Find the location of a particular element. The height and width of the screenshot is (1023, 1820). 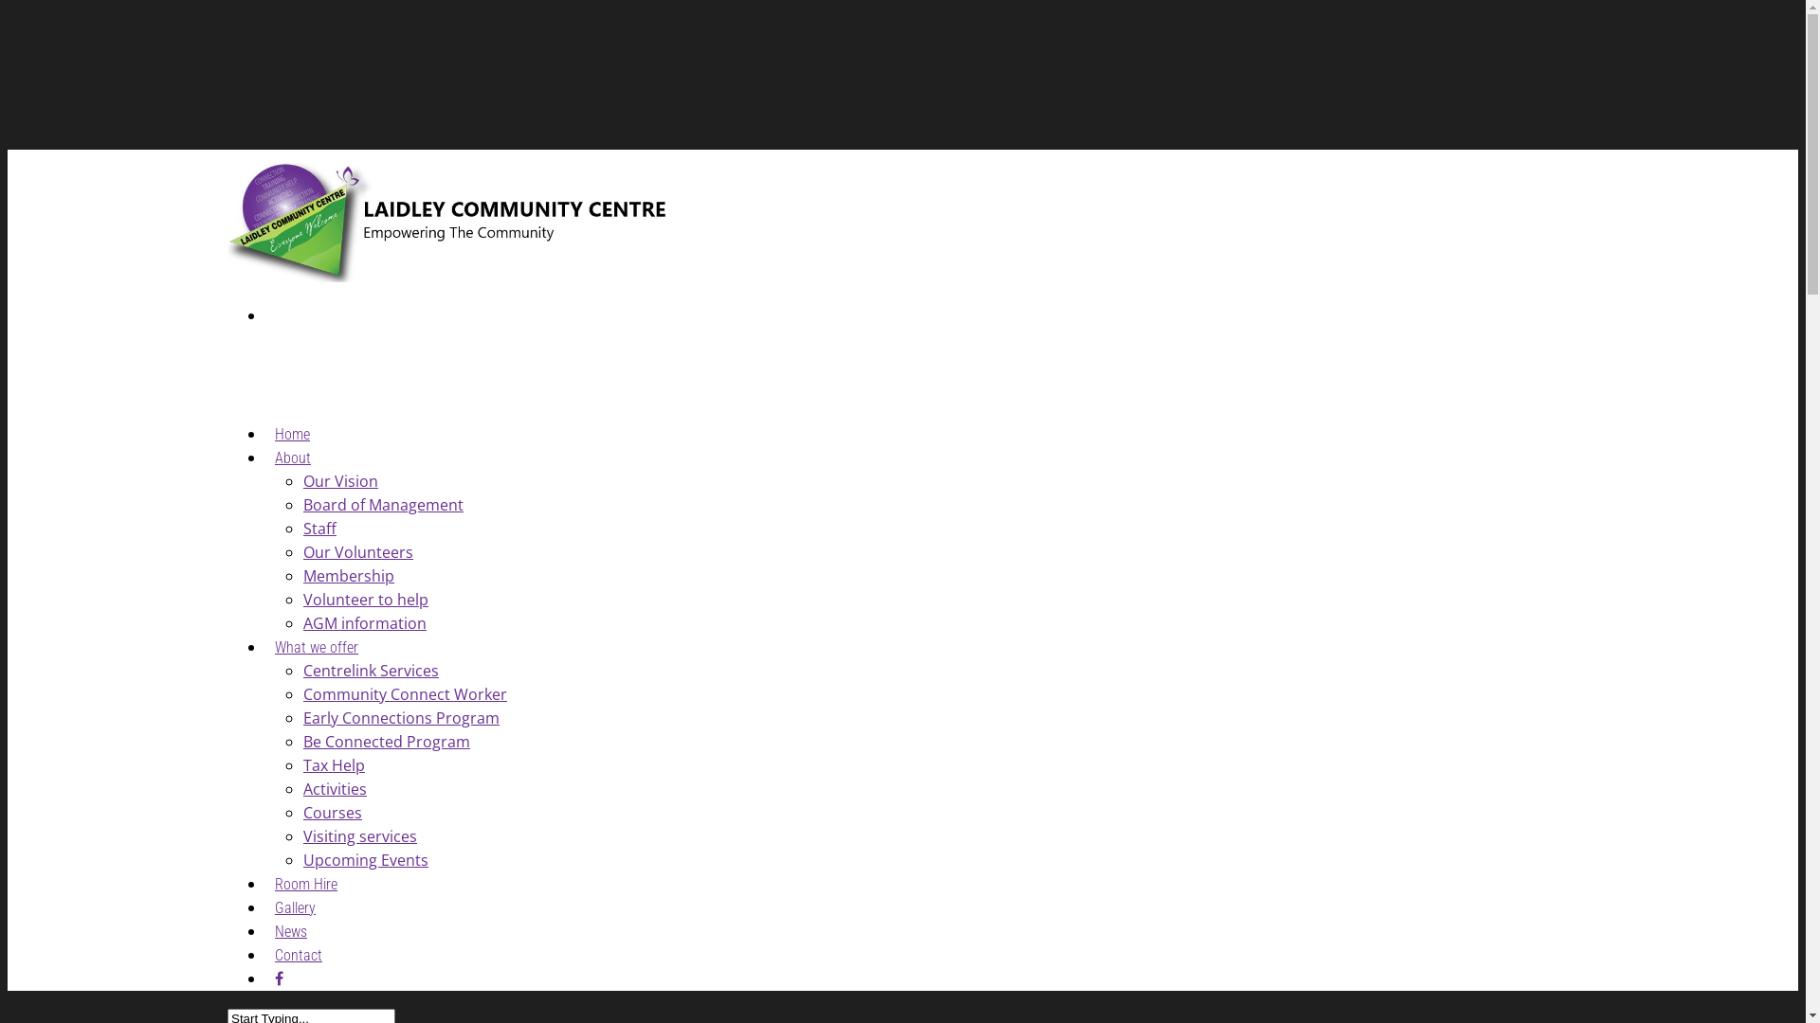

'Activities' is located at coordinates (303, 789).